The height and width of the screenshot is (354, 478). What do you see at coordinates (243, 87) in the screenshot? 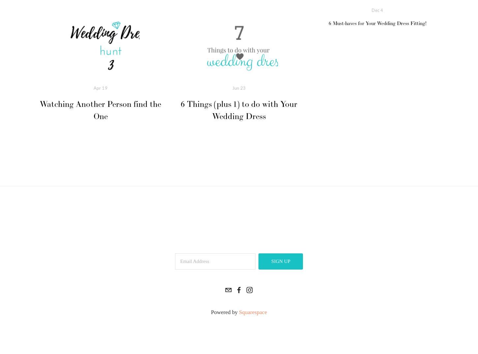
I see `'23'` at bounding box center [243, 87].